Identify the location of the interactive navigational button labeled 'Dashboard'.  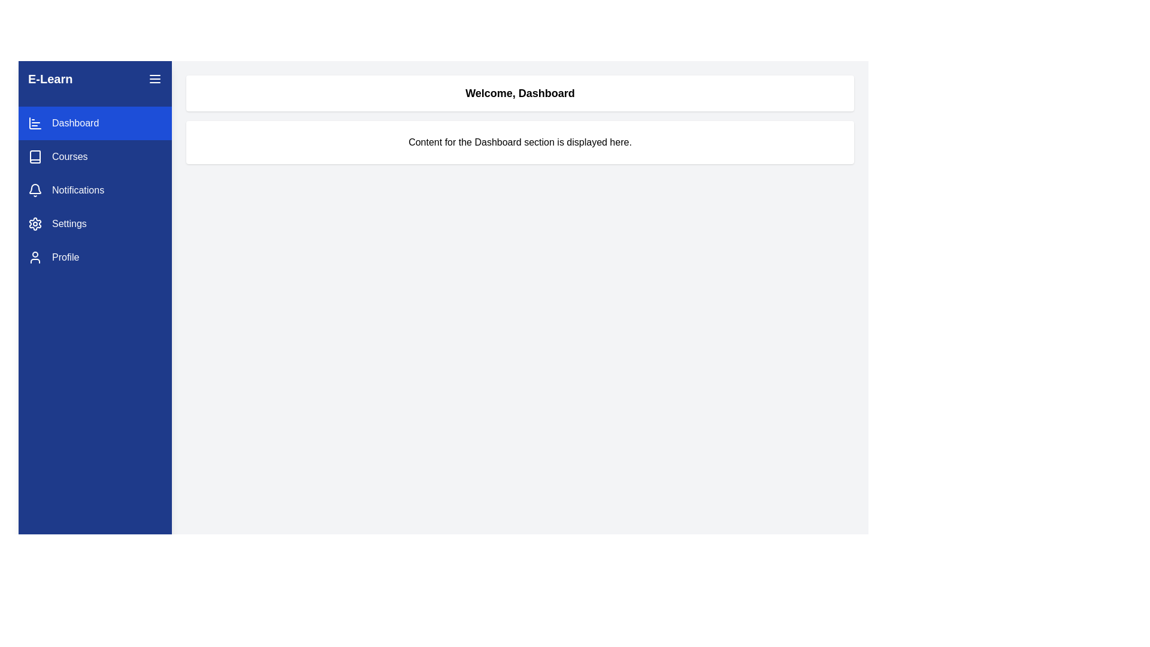
(94, 123).